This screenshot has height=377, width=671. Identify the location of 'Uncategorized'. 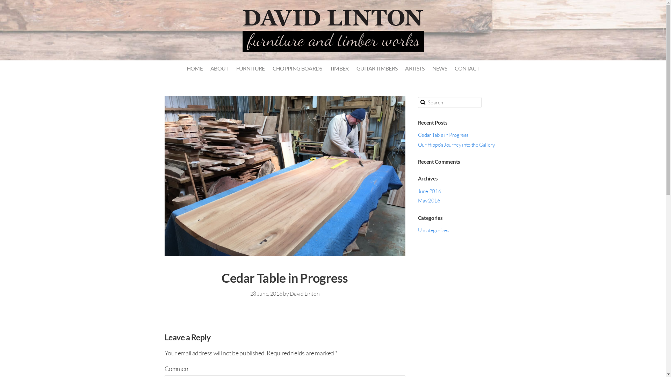
(433, 230).